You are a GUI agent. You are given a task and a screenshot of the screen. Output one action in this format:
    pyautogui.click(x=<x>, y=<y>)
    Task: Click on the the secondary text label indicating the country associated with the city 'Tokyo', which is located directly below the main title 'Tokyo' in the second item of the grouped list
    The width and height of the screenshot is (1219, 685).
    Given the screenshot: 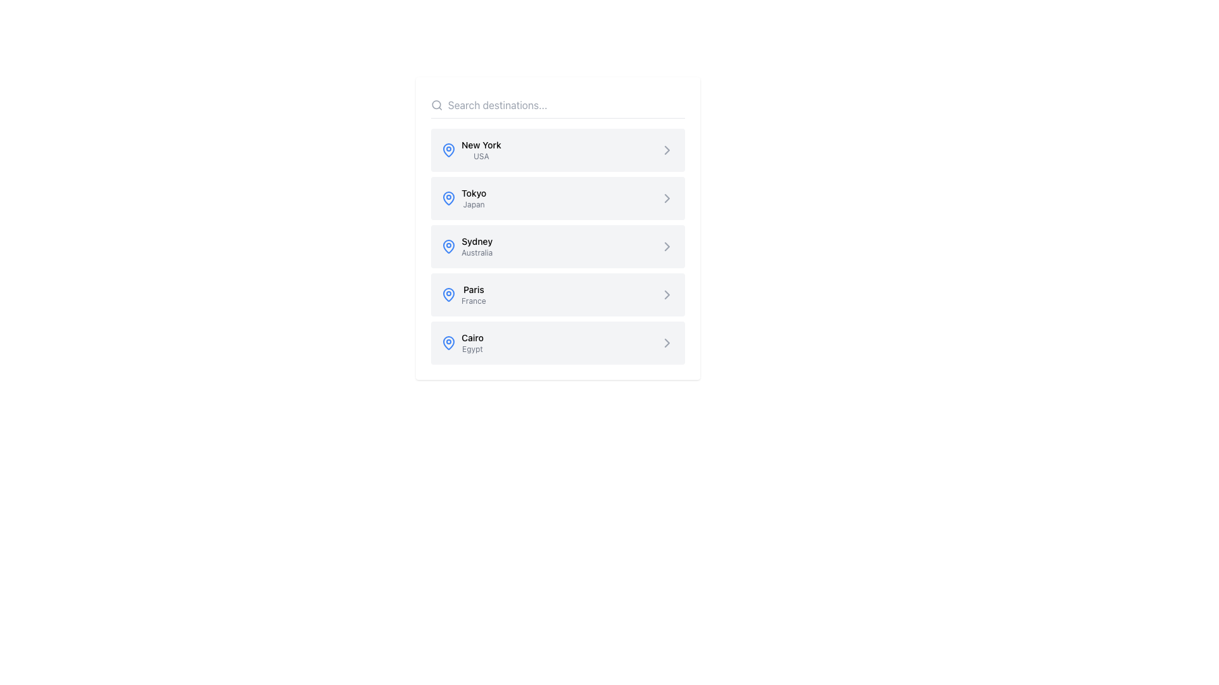 What is the action you would take?
    pyautogui.click(x=473, y=204)
    